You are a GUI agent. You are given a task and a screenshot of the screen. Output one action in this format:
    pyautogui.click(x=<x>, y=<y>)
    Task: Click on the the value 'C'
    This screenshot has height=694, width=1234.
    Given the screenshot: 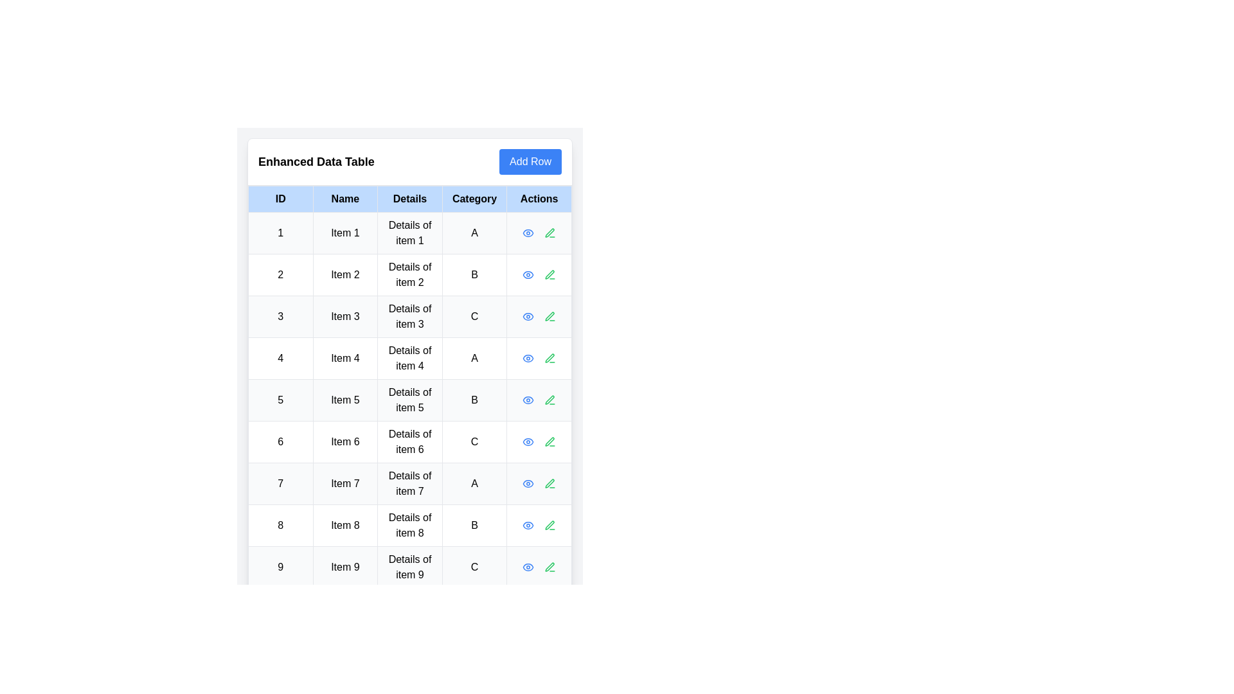 What is the action you would take?
    pyautogui.click(x=474, y=317)
    